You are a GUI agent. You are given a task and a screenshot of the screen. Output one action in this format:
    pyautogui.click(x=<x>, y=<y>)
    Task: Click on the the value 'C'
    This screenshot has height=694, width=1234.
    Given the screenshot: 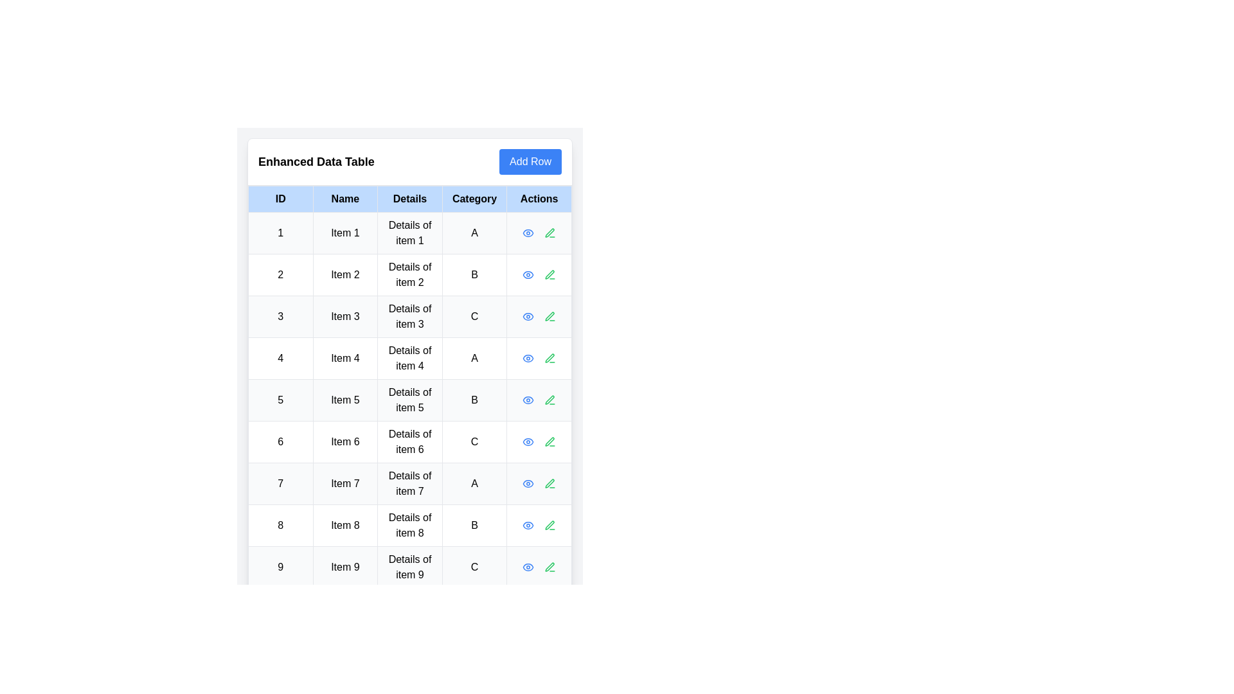 What is the action you would take?
    pyautogui.click(x=474, y=317)
    